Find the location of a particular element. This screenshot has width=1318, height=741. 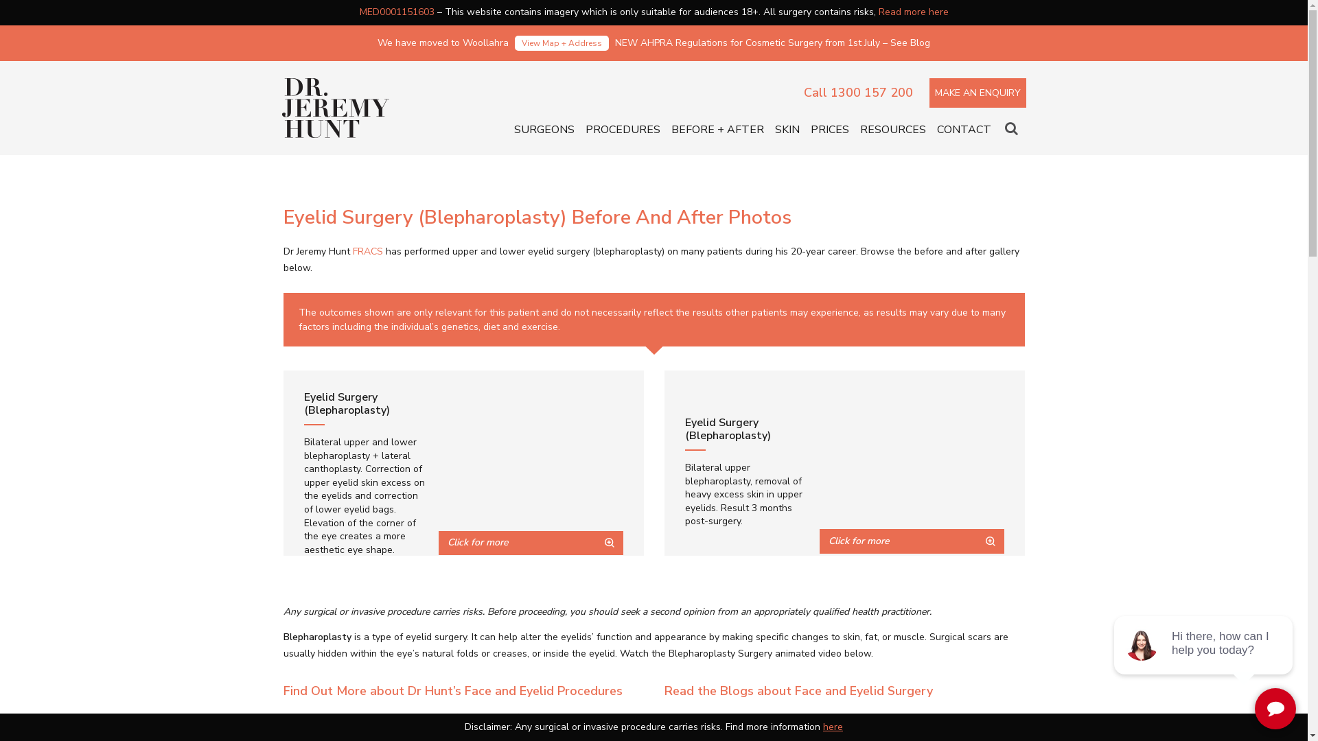

'here' is located at coordinates (832, 726).